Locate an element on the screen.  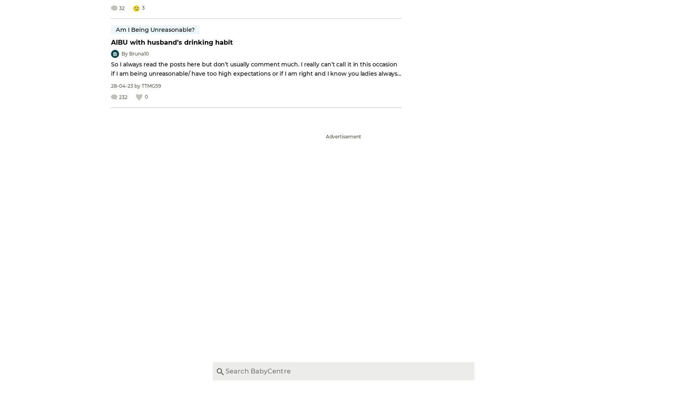
'3' is located at coordinates (143, 7).